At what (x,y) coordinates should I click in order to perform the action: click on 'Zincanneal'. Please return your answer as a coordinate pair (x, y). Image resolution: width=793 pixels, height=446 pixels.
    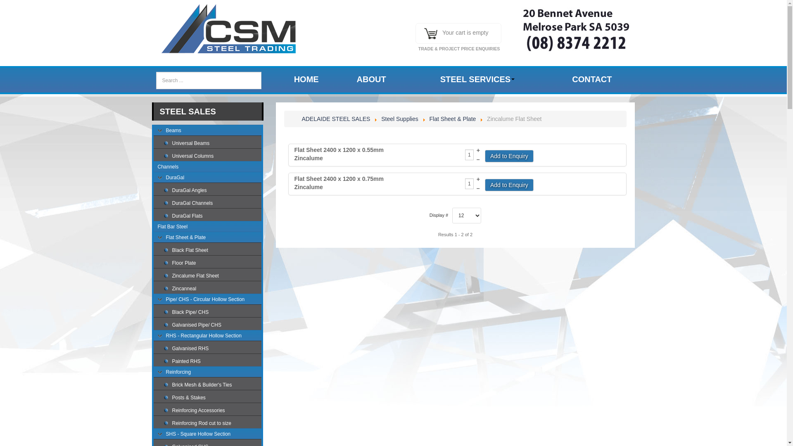
    Looking at the image, I should click on (212, 289).